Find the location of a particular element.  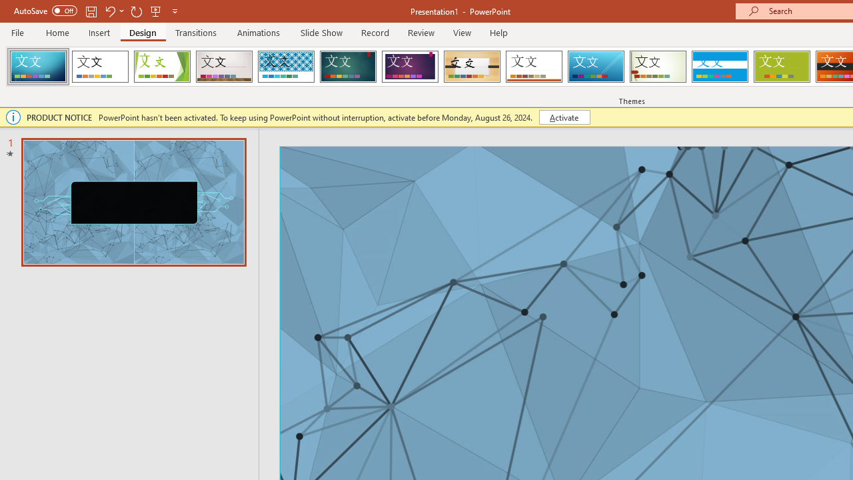

'Organic' is located at coordinates (472, 67).